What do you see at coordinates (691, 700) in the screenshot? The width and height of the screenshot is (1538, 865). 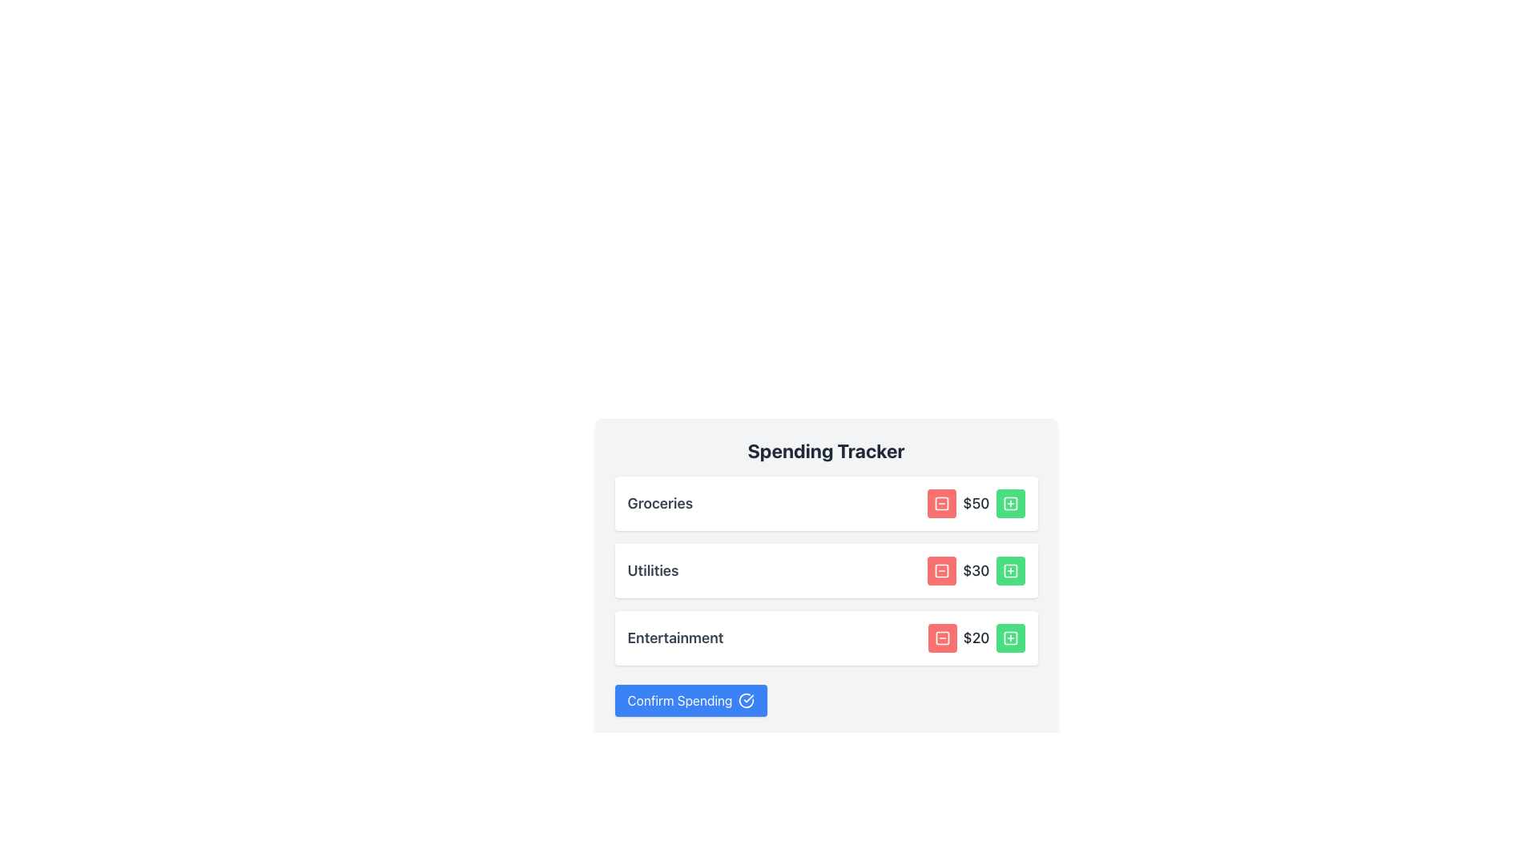 I see `the 'Confirm Spending' button with a blue background and white text` at bounding box center [691, 700].